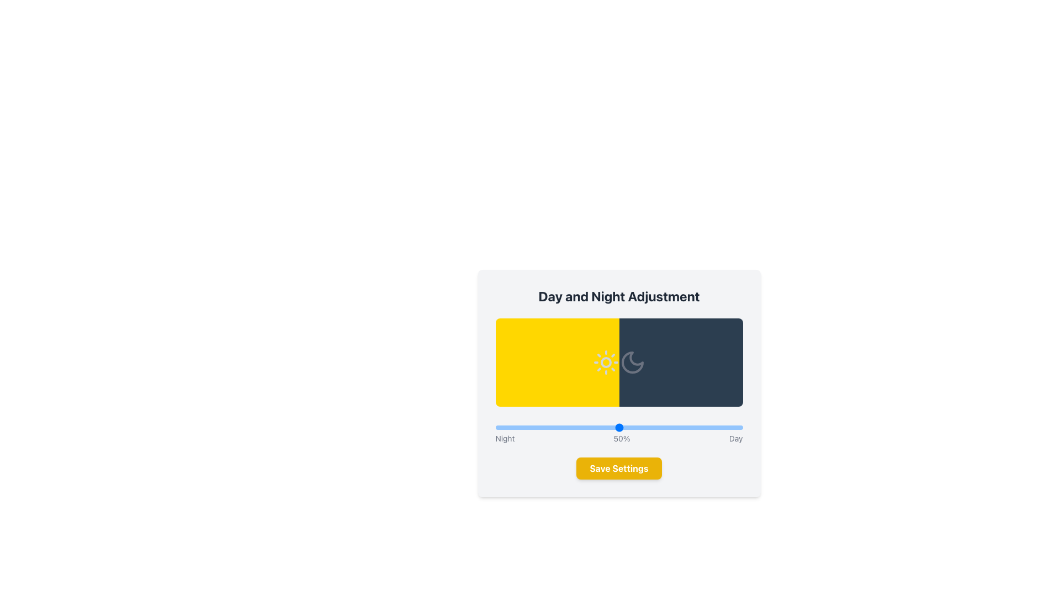  Describe the element at coordinates (619, 468) in the screenshot. I see `the bright yellow button with rounded corners and bold white text that says 'Save Settings' located at the bottom of the 'Day and Night Adjustment' section` at that location.